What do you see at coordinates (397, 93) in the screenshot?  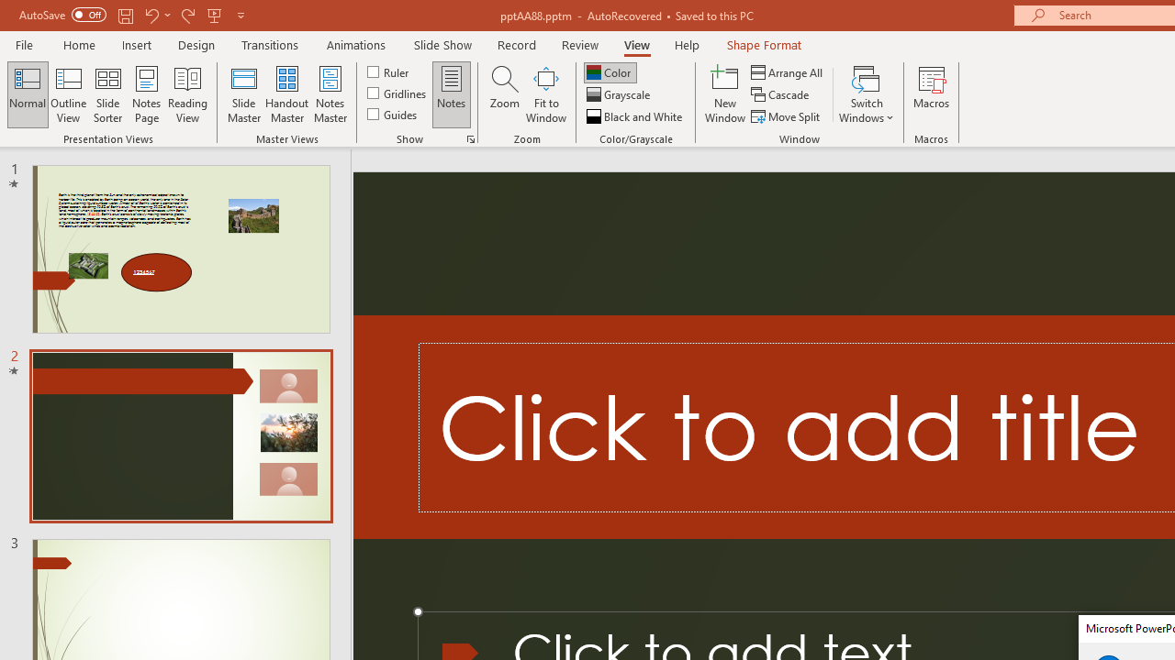 I see `'Gridlines'` at bounding box center [397, 93].